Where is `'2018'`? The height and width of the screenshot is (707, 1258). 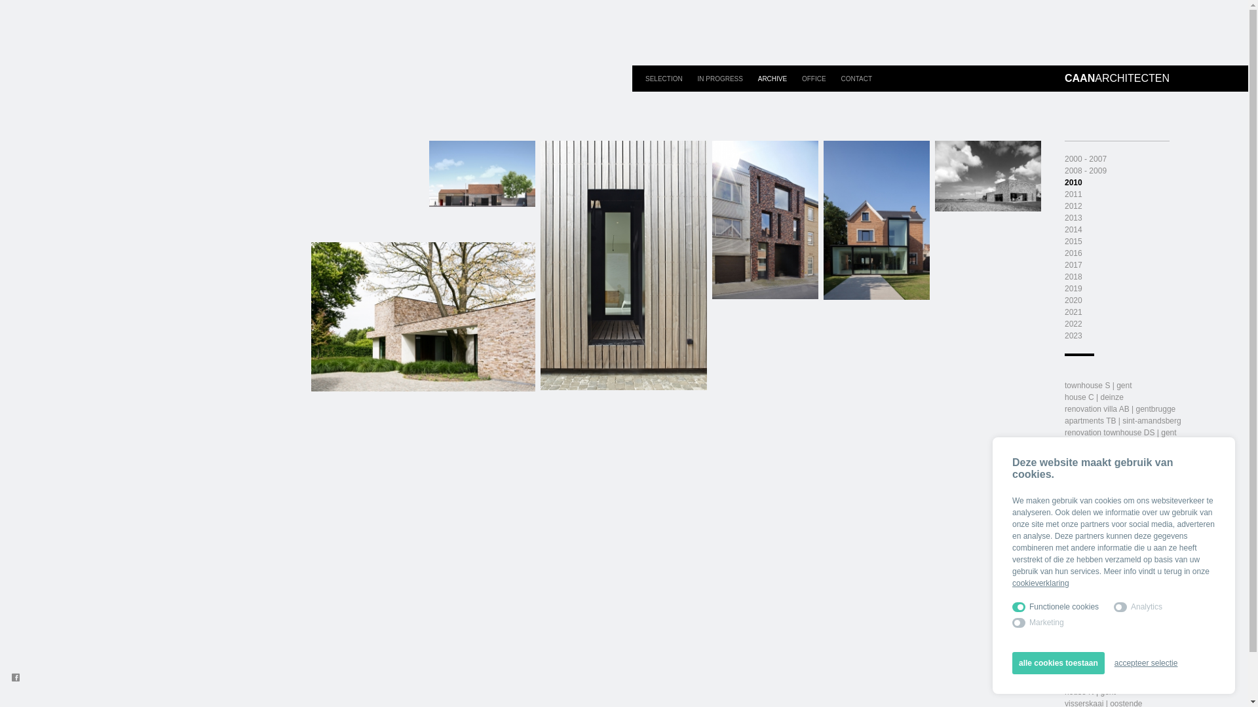 '2018' is located at coordinates (1073, 276).